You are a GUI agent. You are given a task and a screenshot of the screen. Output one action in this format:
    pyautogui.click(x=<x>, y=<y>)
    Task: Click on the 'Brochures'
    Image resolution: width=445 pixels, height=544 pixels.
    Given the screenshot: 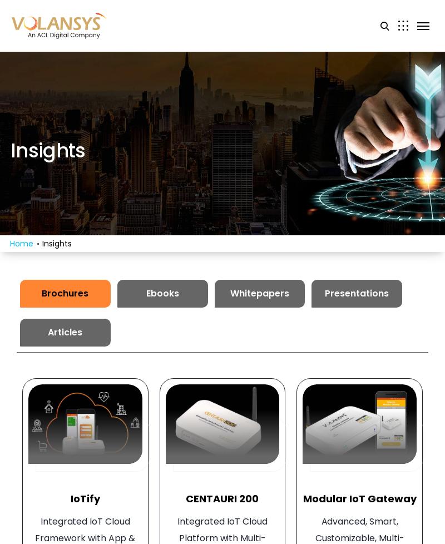 What is the action you would take?
    pyautogui.click(x=42, y=293)
    